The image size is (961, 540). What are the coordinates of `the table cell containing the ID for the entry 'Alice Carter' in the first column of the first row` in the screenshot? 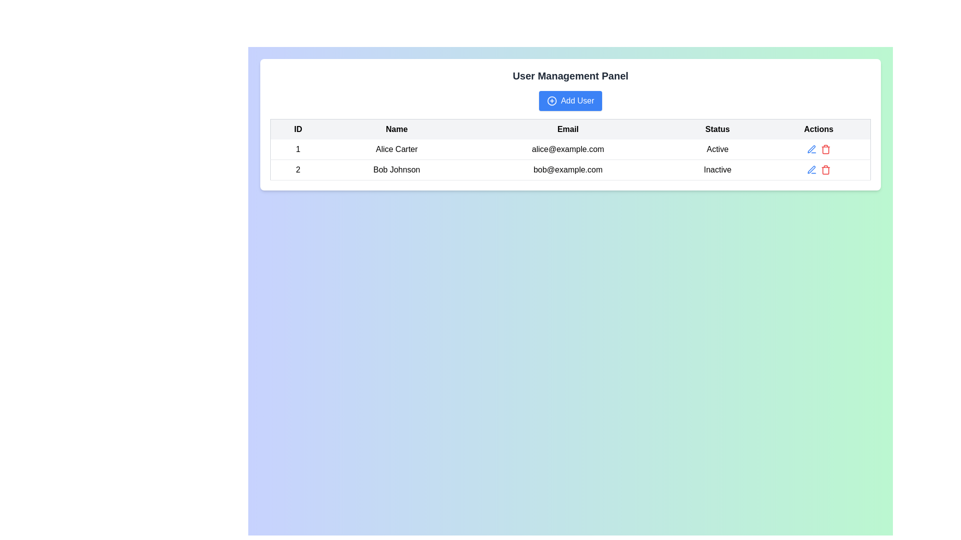 It's located at (297, 149).